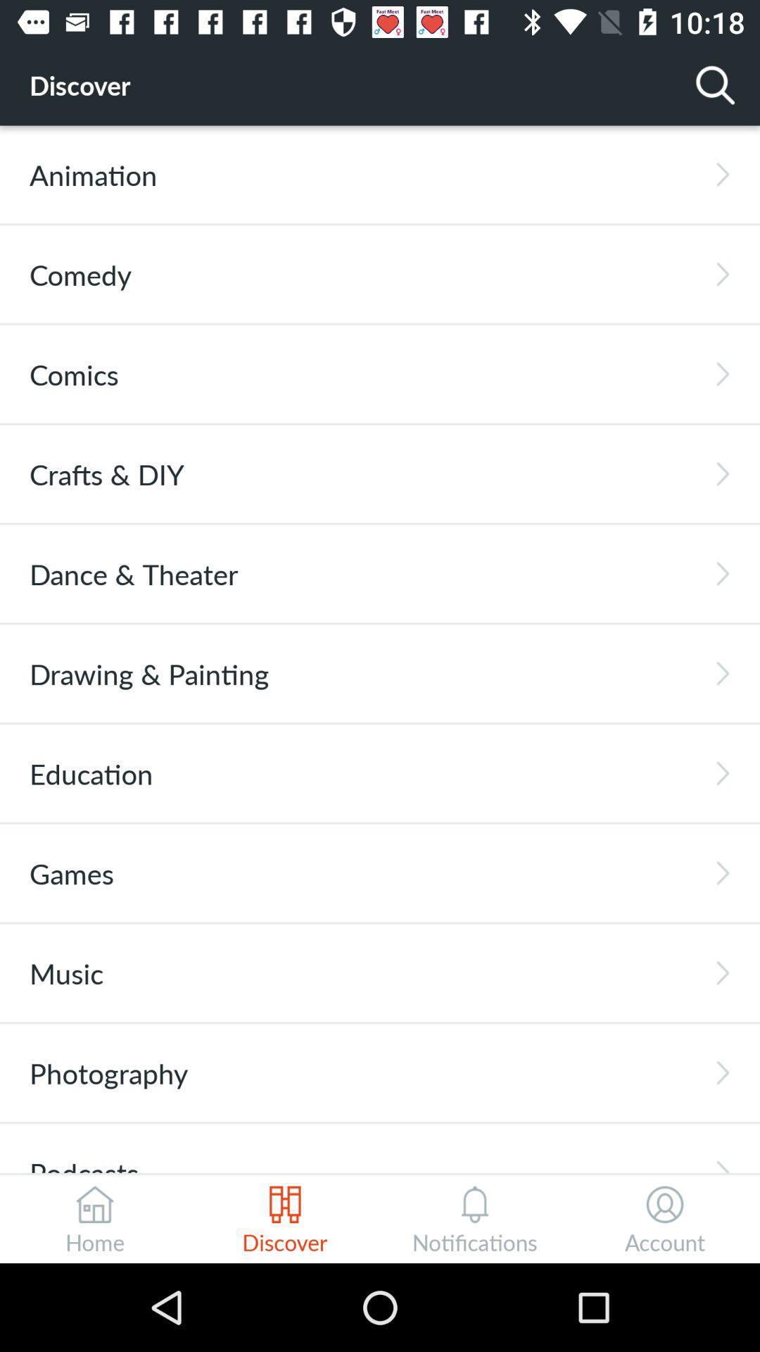  I want to click on the item to the right of discover icon, so click(716, 84).